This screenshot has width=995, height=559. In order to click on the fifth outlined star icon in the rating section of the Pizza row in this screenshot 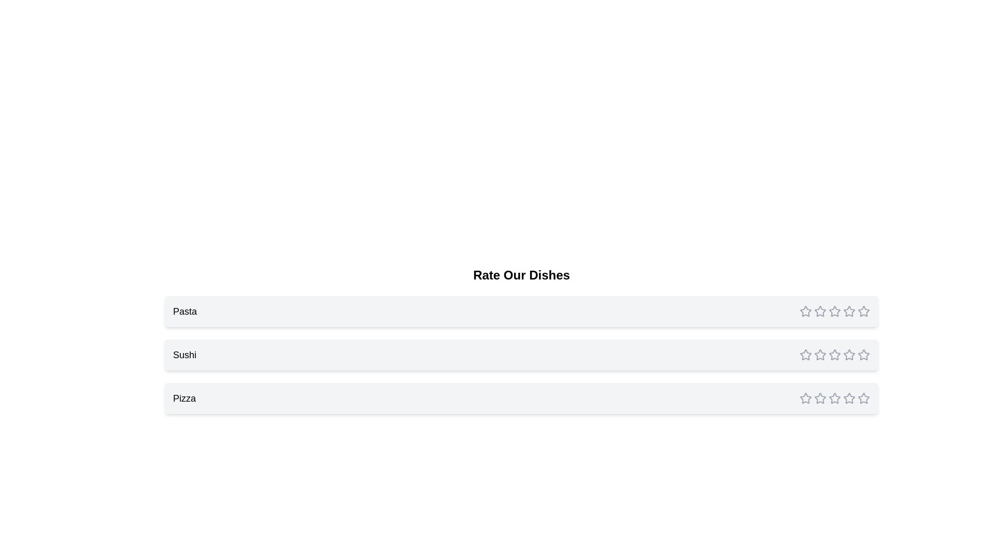, I will do `click(819, 397)`.